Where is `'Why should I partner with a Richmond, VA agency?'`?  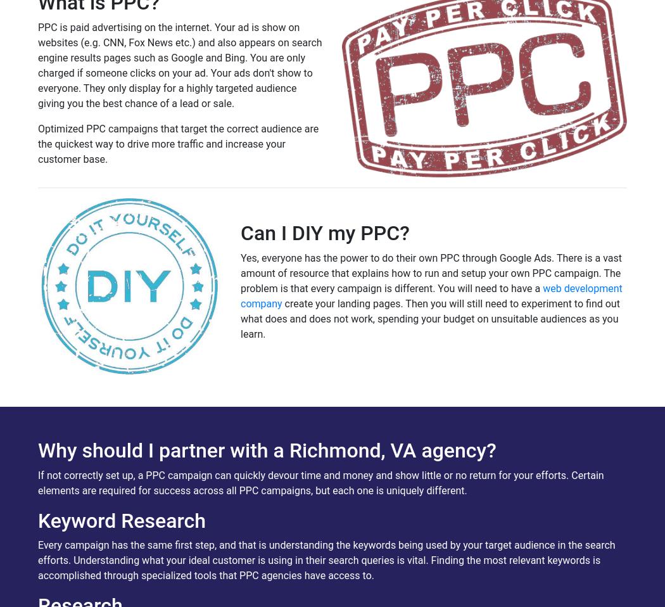 'Why should I partner with a Richmond, VA agency?' is located at coordinates (266, 450).